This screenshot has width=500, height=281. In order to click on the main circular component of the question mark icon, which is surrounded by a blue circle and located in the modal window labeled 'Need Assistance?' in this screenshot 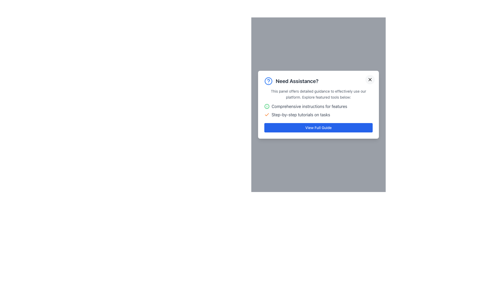, I will do `click(268, 81)`.